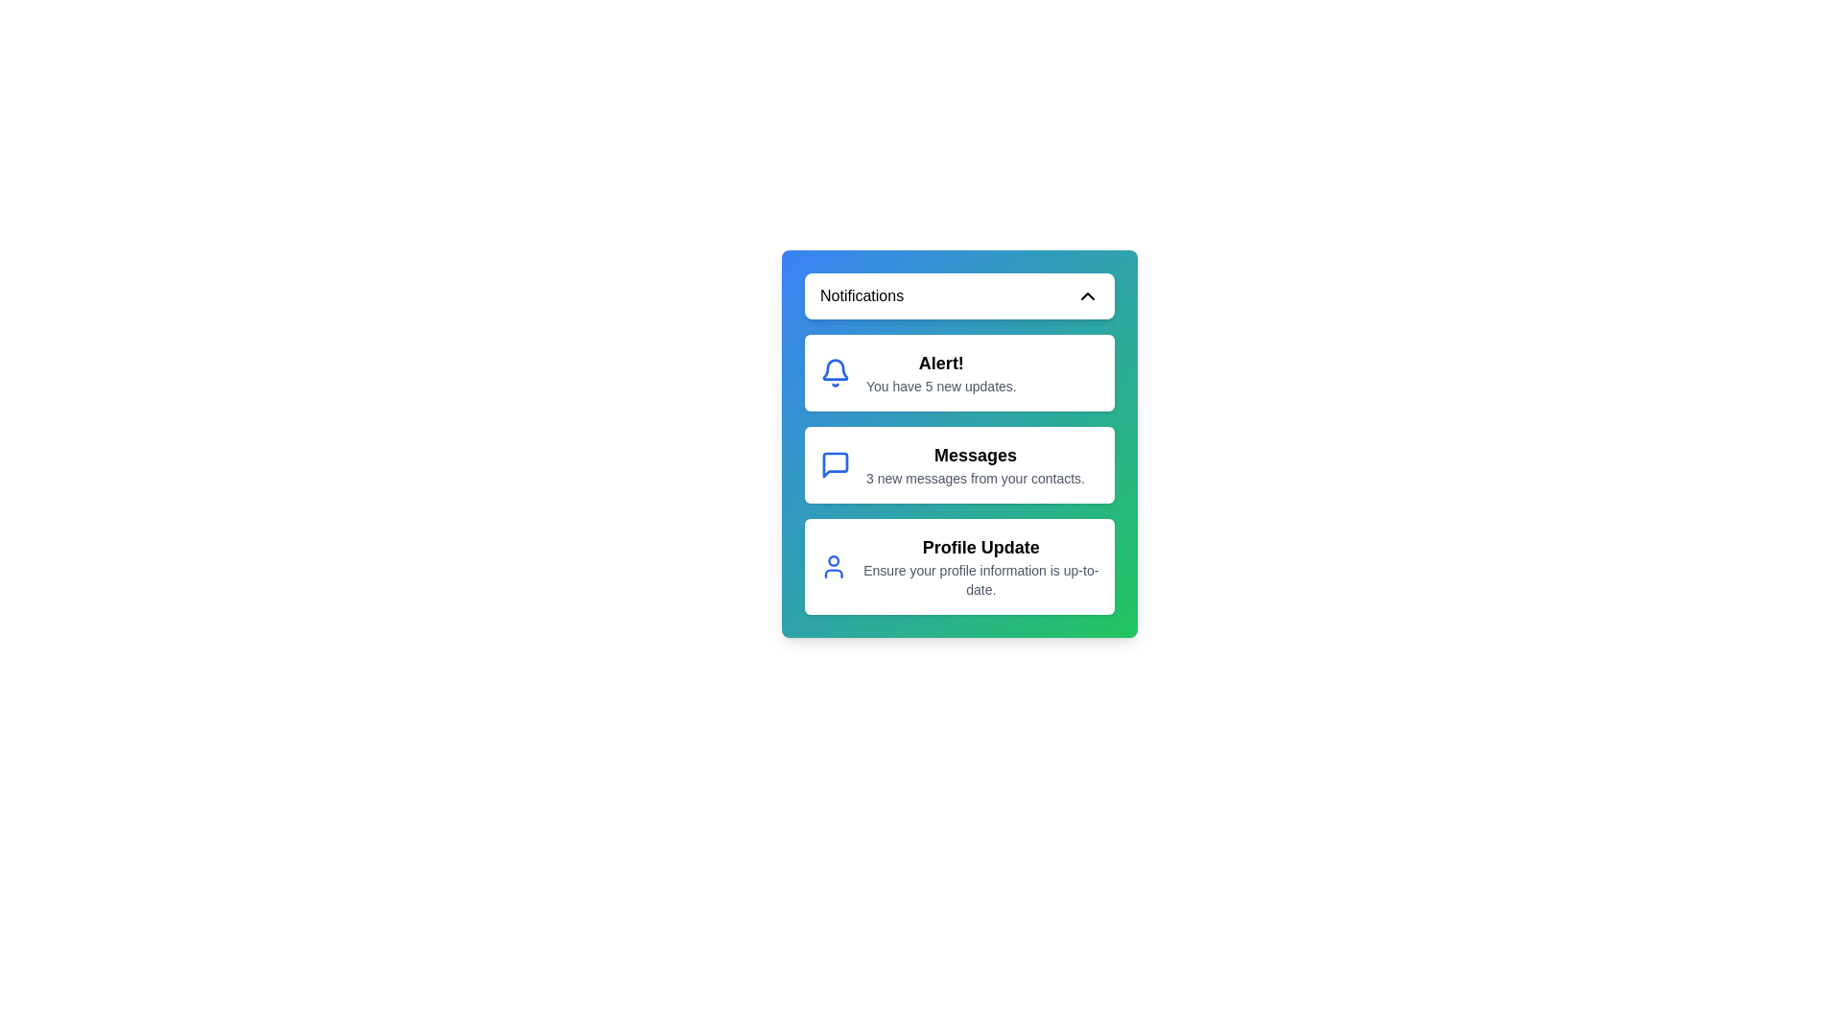 The image size is (1842, 1036). Describe the element at coordinates (835, 465) in the screenshot. I see `the notification icon corresponding to Messages` at that location.